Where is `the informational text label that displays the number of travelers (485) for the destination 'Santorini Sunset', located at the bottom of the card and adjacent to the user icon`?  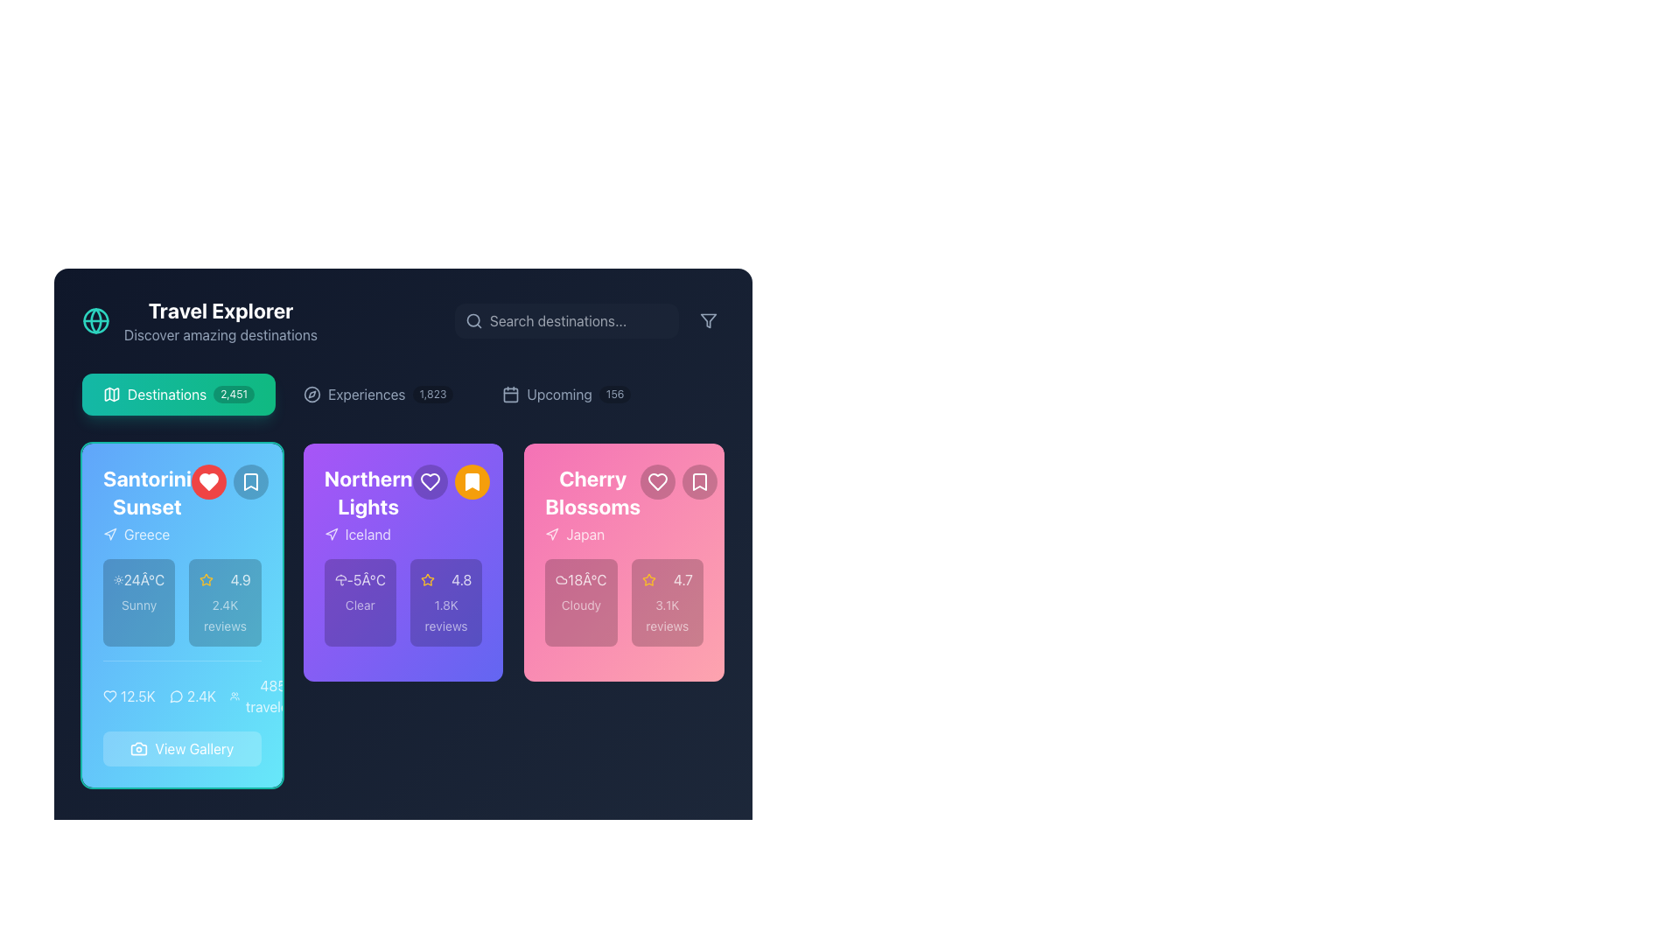
the informational text label that displays the number of travelers (485) for the destination 'Santorini Sunset', located at the bottom of the card and adjacent to the user icon is located at coordinates (272, 695).